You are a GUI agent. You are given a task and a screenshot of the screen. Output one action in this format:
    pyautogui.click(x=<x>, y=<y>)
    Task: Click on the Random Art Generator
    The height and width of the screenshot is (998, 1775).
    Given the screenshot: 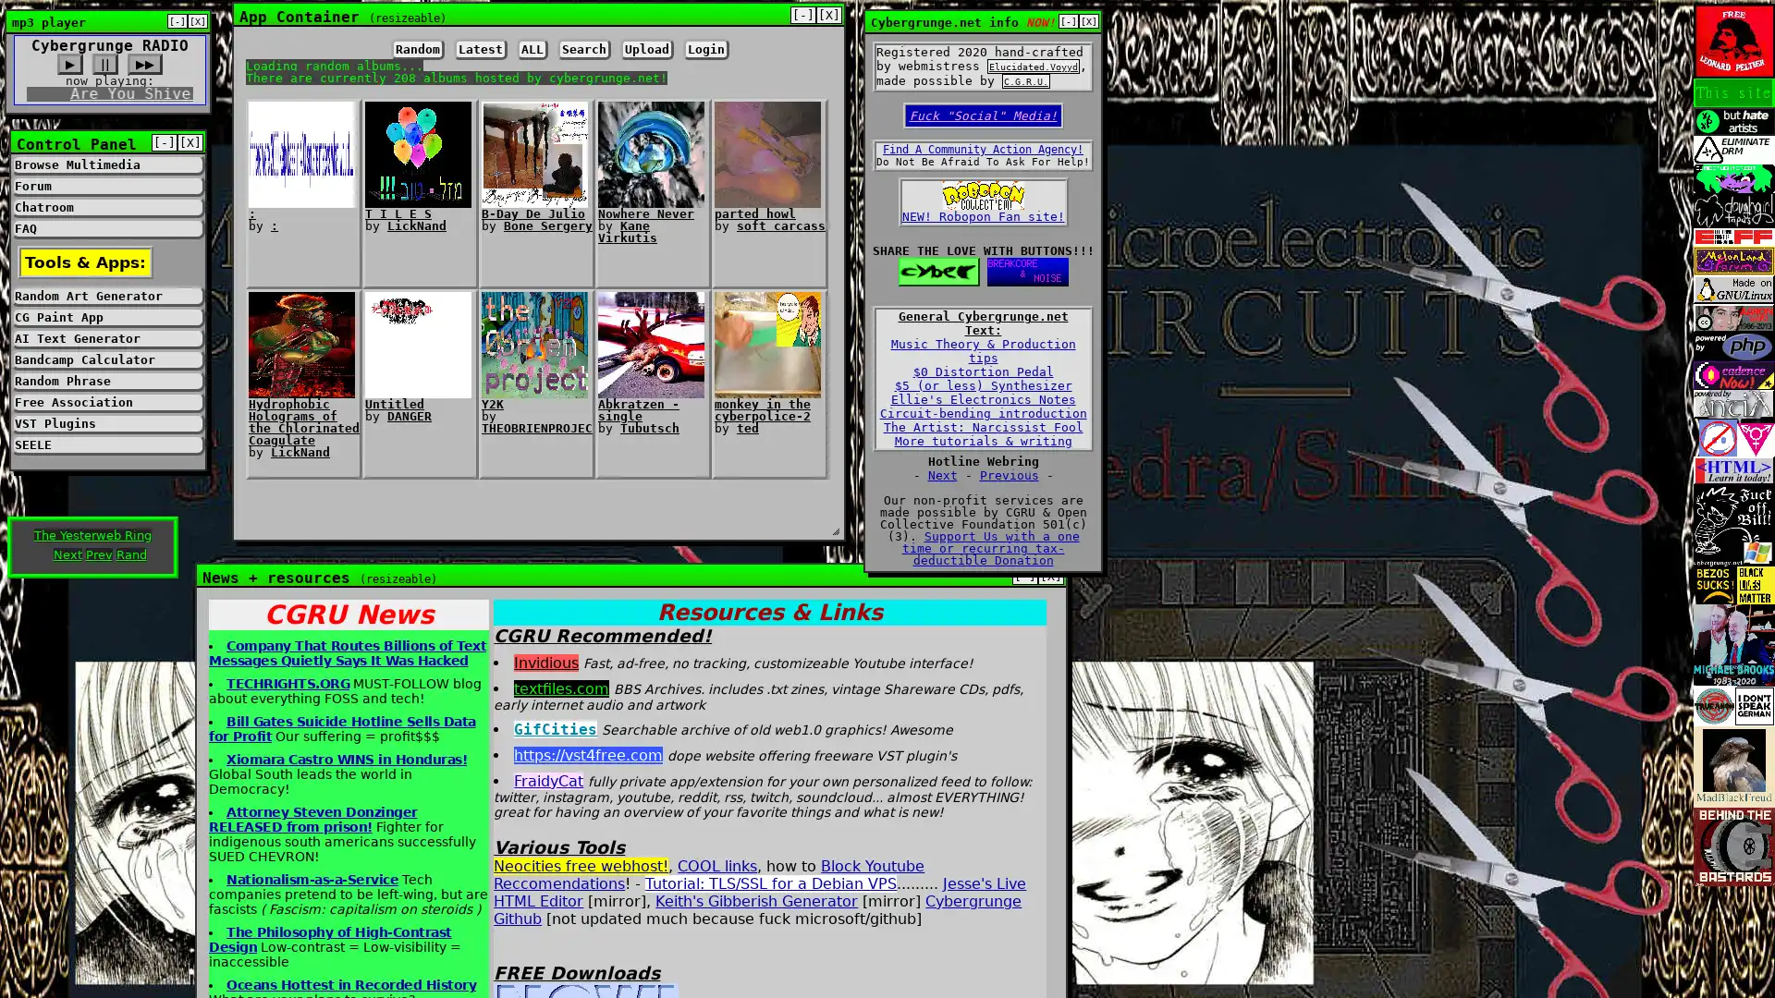 What is the action you would take?
    pyautogui.click(x=106, y=295)
    